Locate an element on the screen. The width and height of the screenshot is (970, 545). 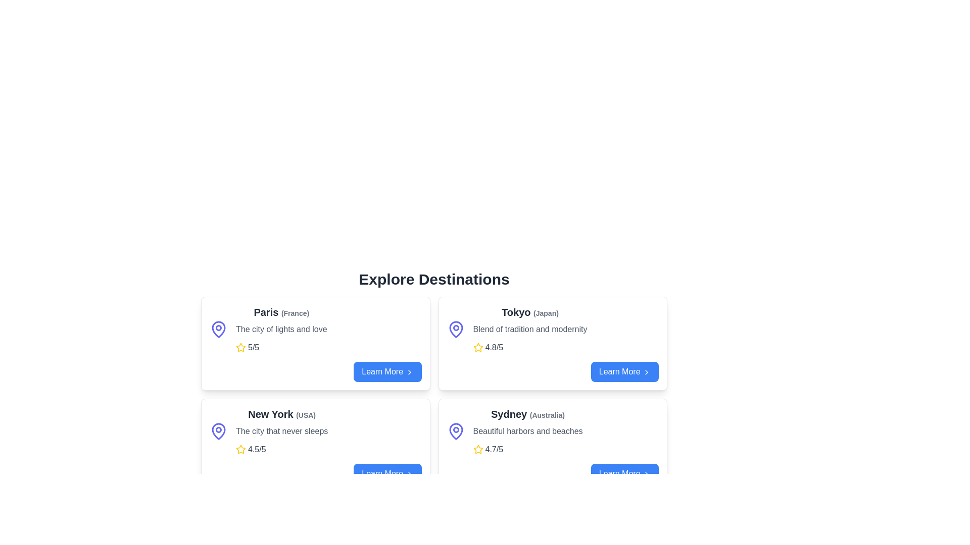
the static text label providing additional information about 'Sydney', located below 'Sydney (Australia)' and above the rating display in the lower-right card of the grid layout under 'Explore Destinations' is located at coordinates (527, 431).